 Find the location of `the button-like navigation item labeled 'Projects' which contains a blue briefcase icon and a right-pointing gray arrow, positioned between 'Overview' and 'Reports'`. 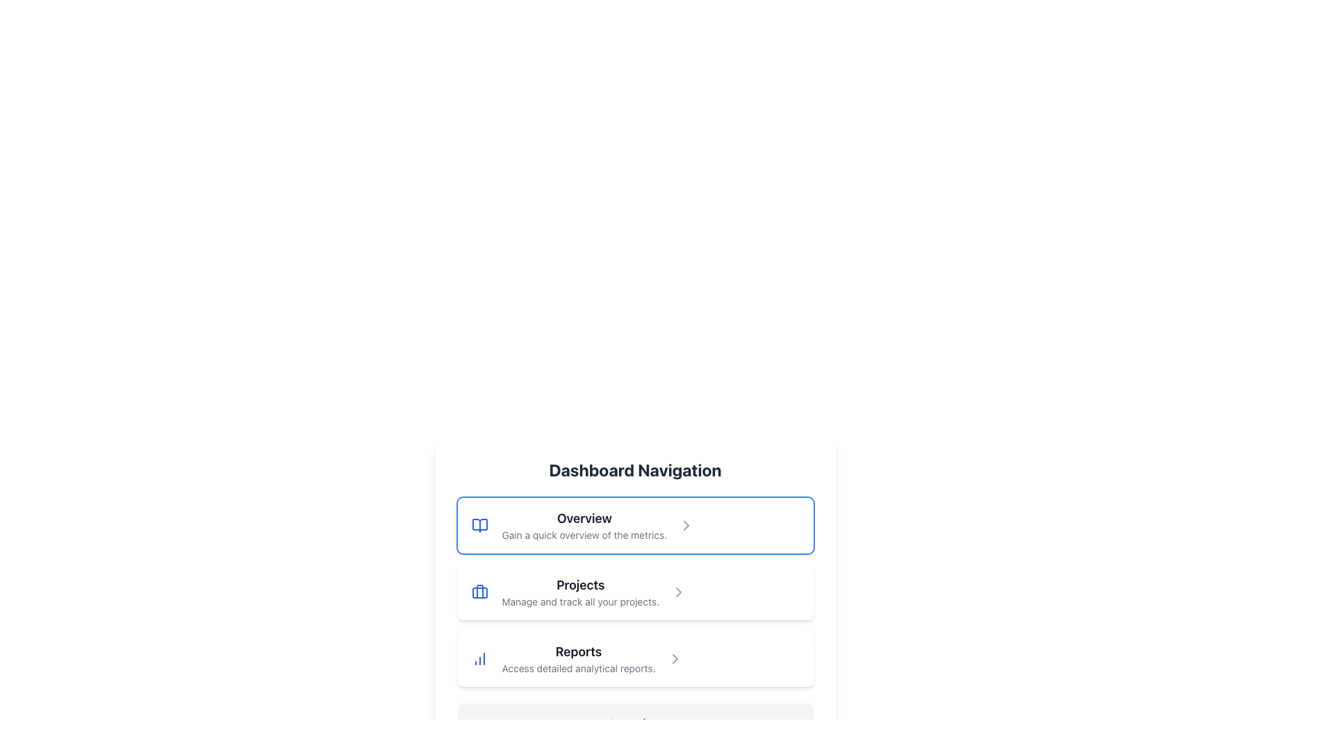

the button-like navigation item labeled 'Projects' which contains a blue briefcase icon and a right-pointing gray arrow, positioned between 'Overview' and 'Reports' is located at coordinates (634, 592).